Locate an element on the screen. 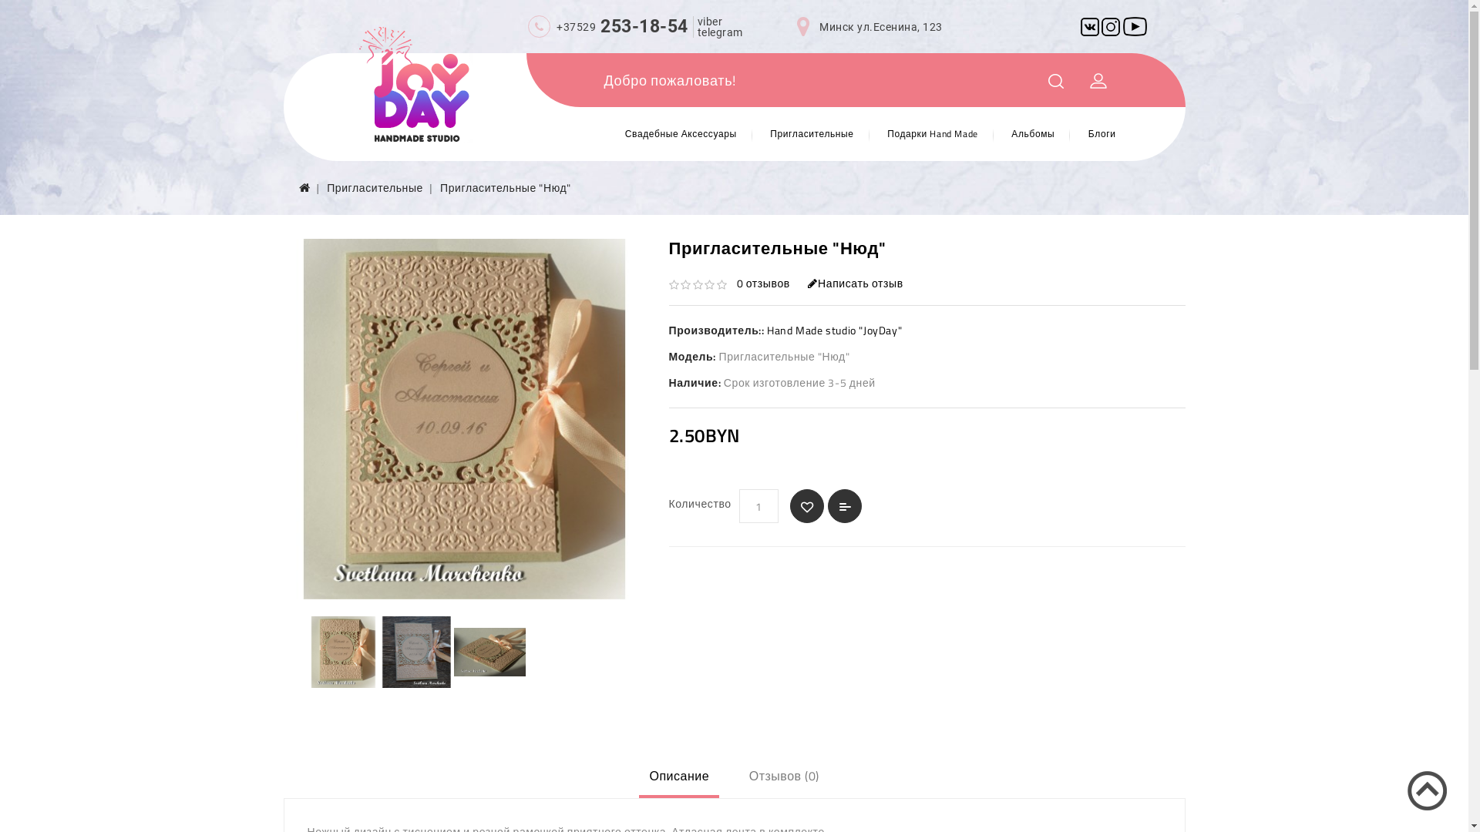 The width and height of the screenshot is (1480, 832). 'JoyDay  - HandMade studio' is located at coordinates (414, 85).